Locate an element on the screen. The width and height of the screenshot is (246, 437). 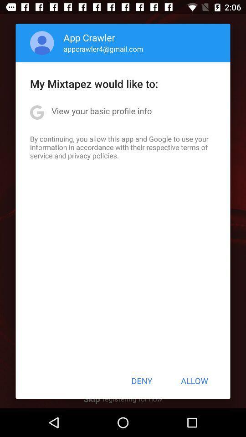
app next to the app crawler is located at coordinates (41, 43).